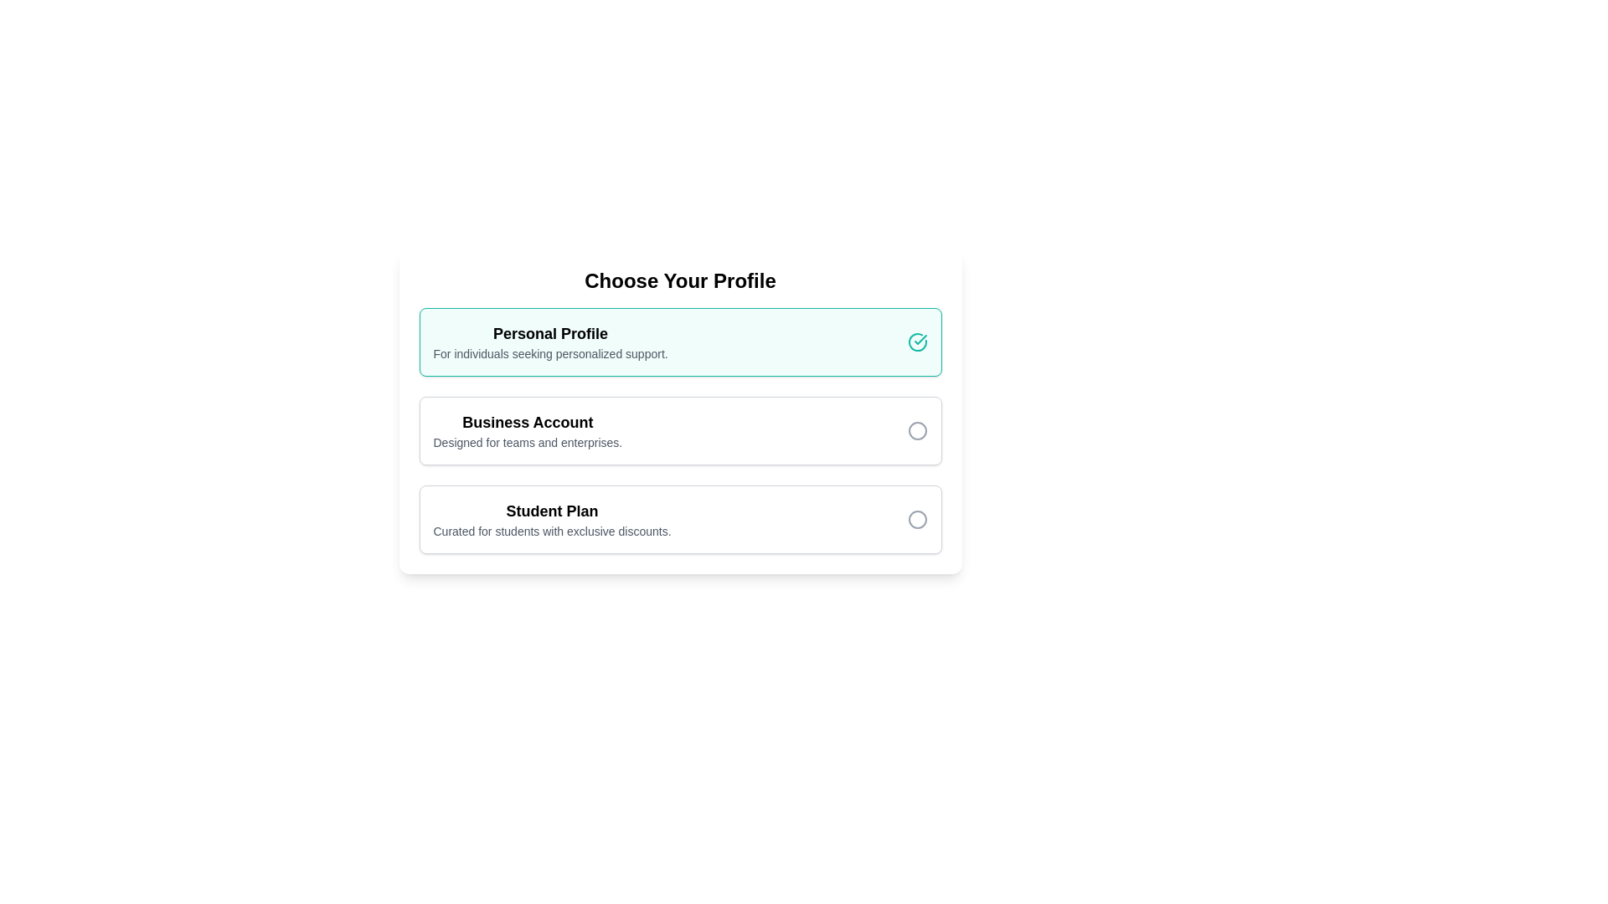 This screenshot has height=904, width=1608. Describe the element at coordinates (552, 510) in the screenshot. I see `text label that serves as the title for the 'Student Plan' option, which is centrally positioned within the option's bounding box` at that location.